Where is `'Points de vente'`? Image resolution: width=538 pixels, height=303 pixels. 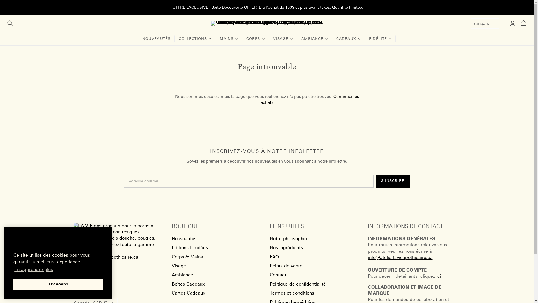
'Points de vente' is located at coordinates (286, 265).